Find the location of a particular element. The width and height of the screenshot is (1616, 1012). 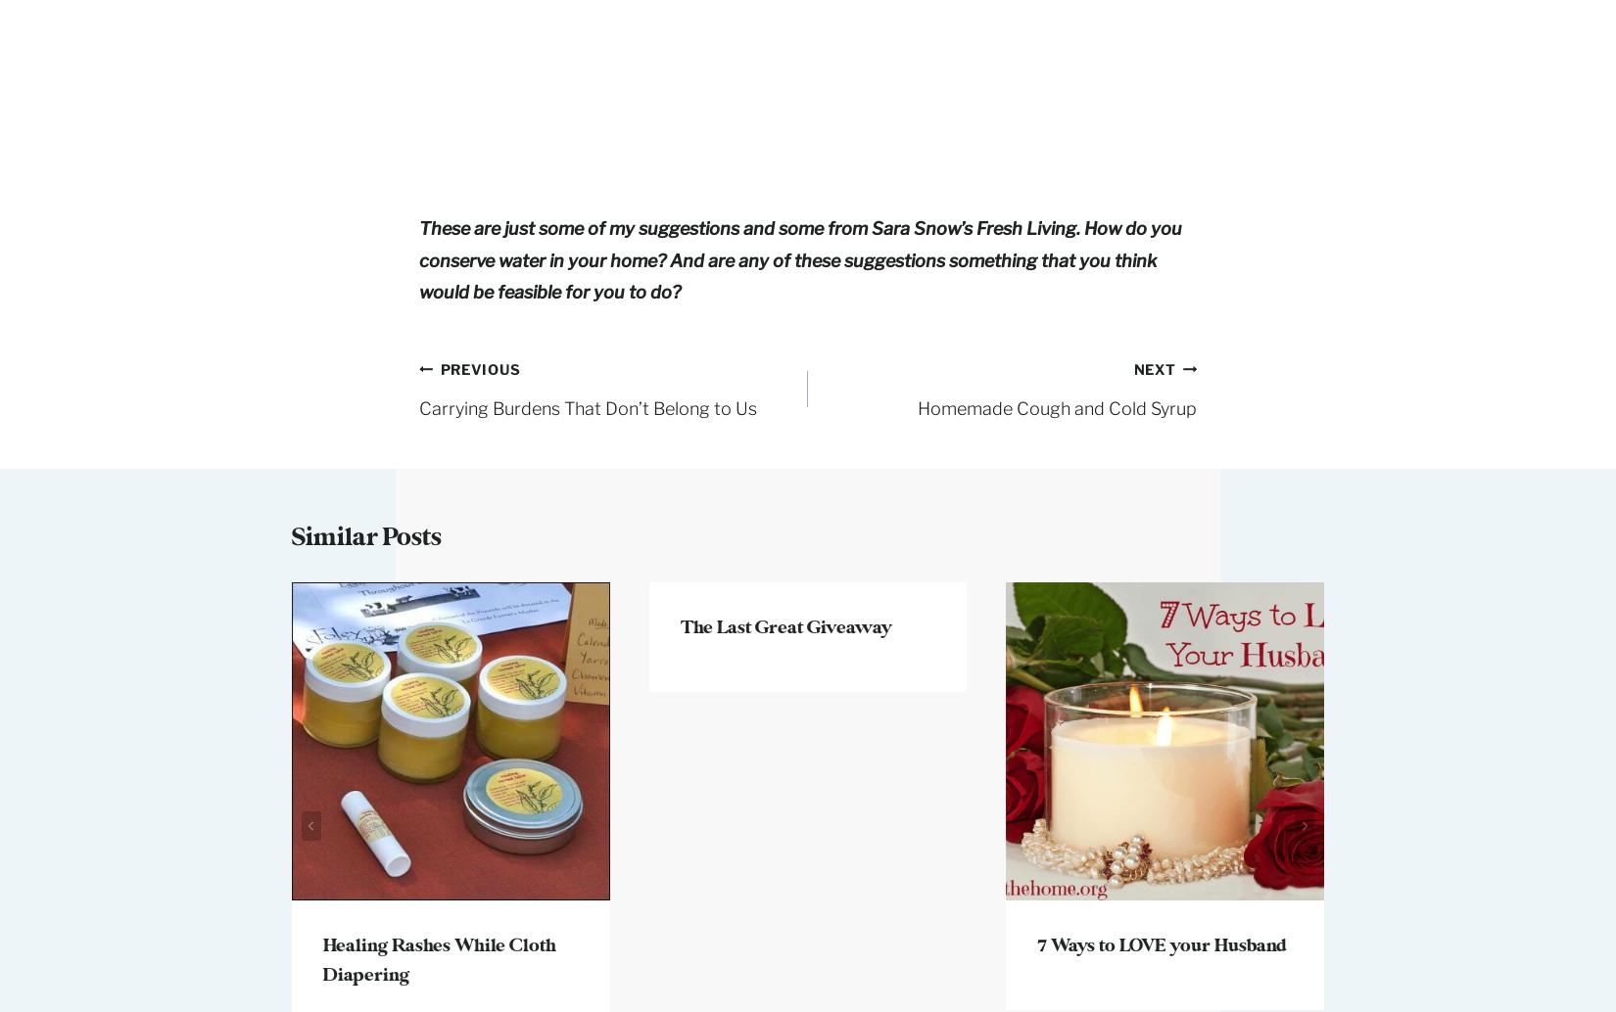

'Carrying Burdens That Don’t Belong to Us' is located at coordinates (587, 406).